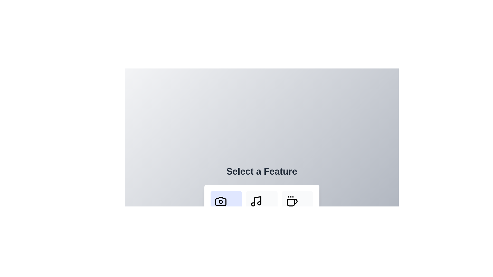 This screenshot has width=493, height=277. What do you see at coordinates (292, 201) in the screenshot?
I see `the coffee cup icon with steam lines above it, located in the 'Select a Feature' panel as the third icon from the left` at bounding box center [292, 201].